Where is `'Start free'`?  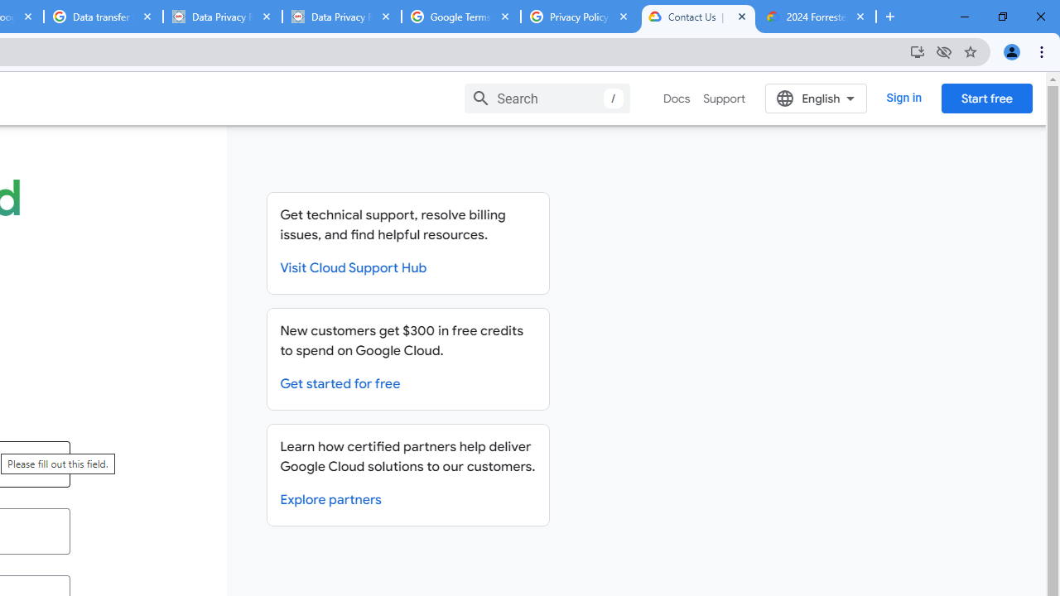 'Start free' is located at coordinates (986, 98).